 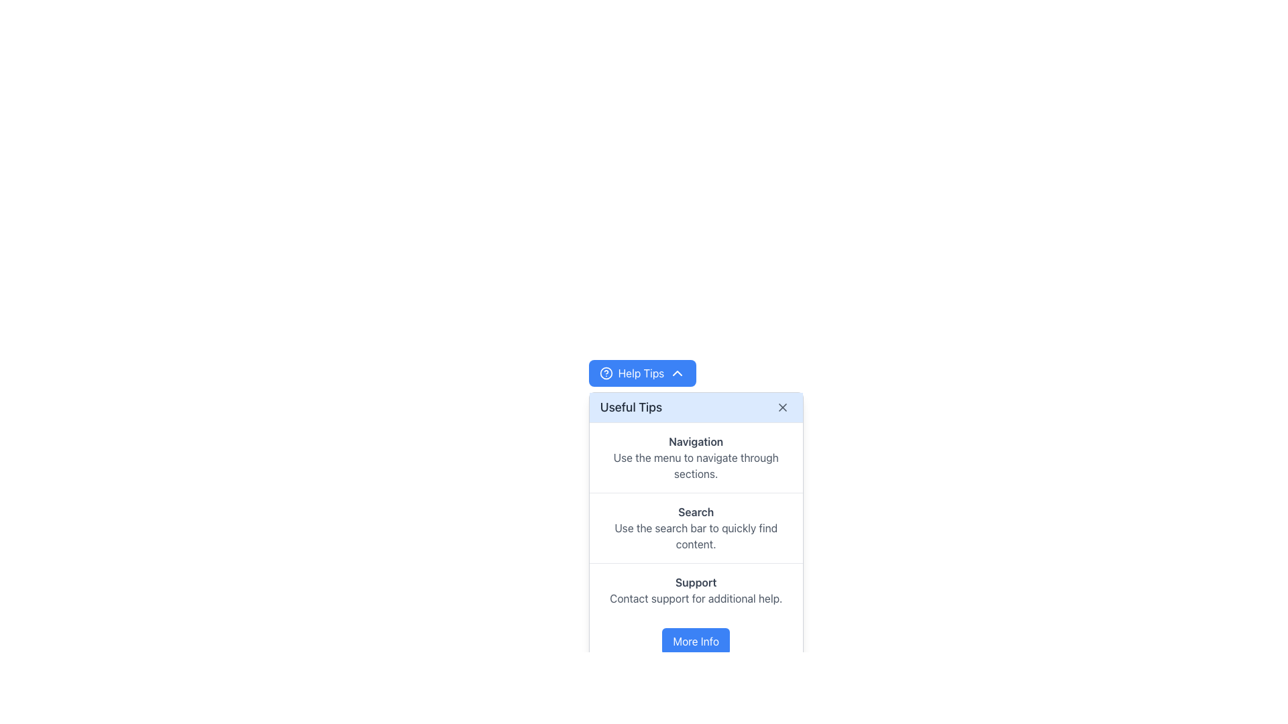 I want to click on the button located at the bottom section of the 'Useful Tips' panel to invoke an action or navigate to another page, so click(x=696, y=640).